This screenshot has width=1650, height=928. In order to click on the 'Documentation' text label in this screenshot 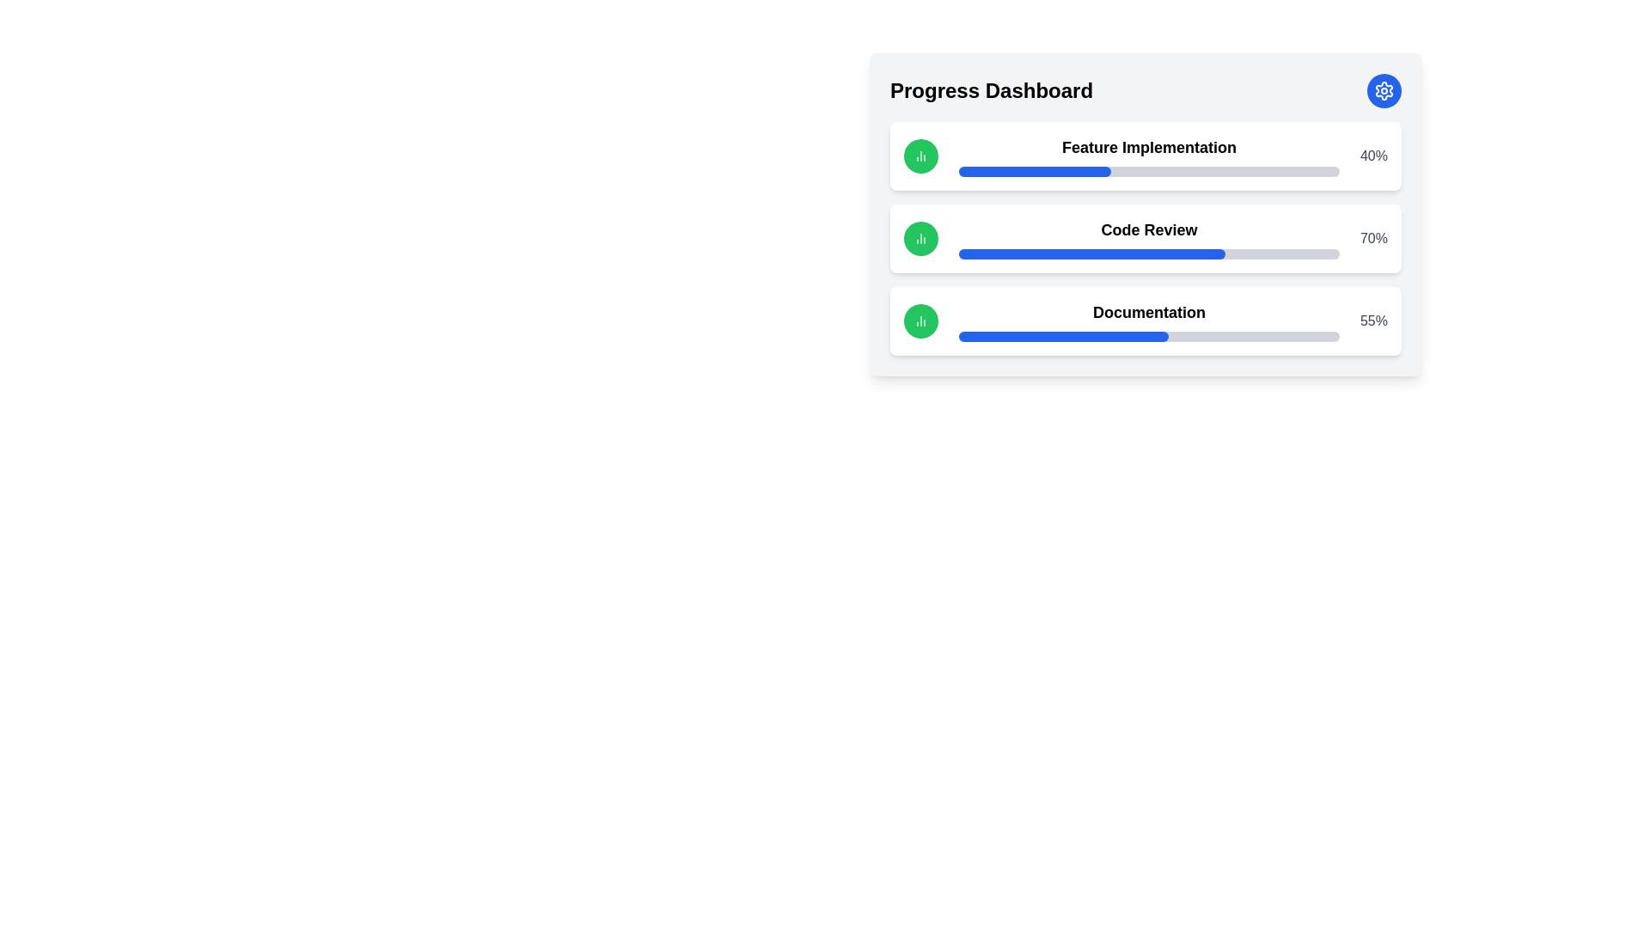, I will do `click(1149, 321)`.